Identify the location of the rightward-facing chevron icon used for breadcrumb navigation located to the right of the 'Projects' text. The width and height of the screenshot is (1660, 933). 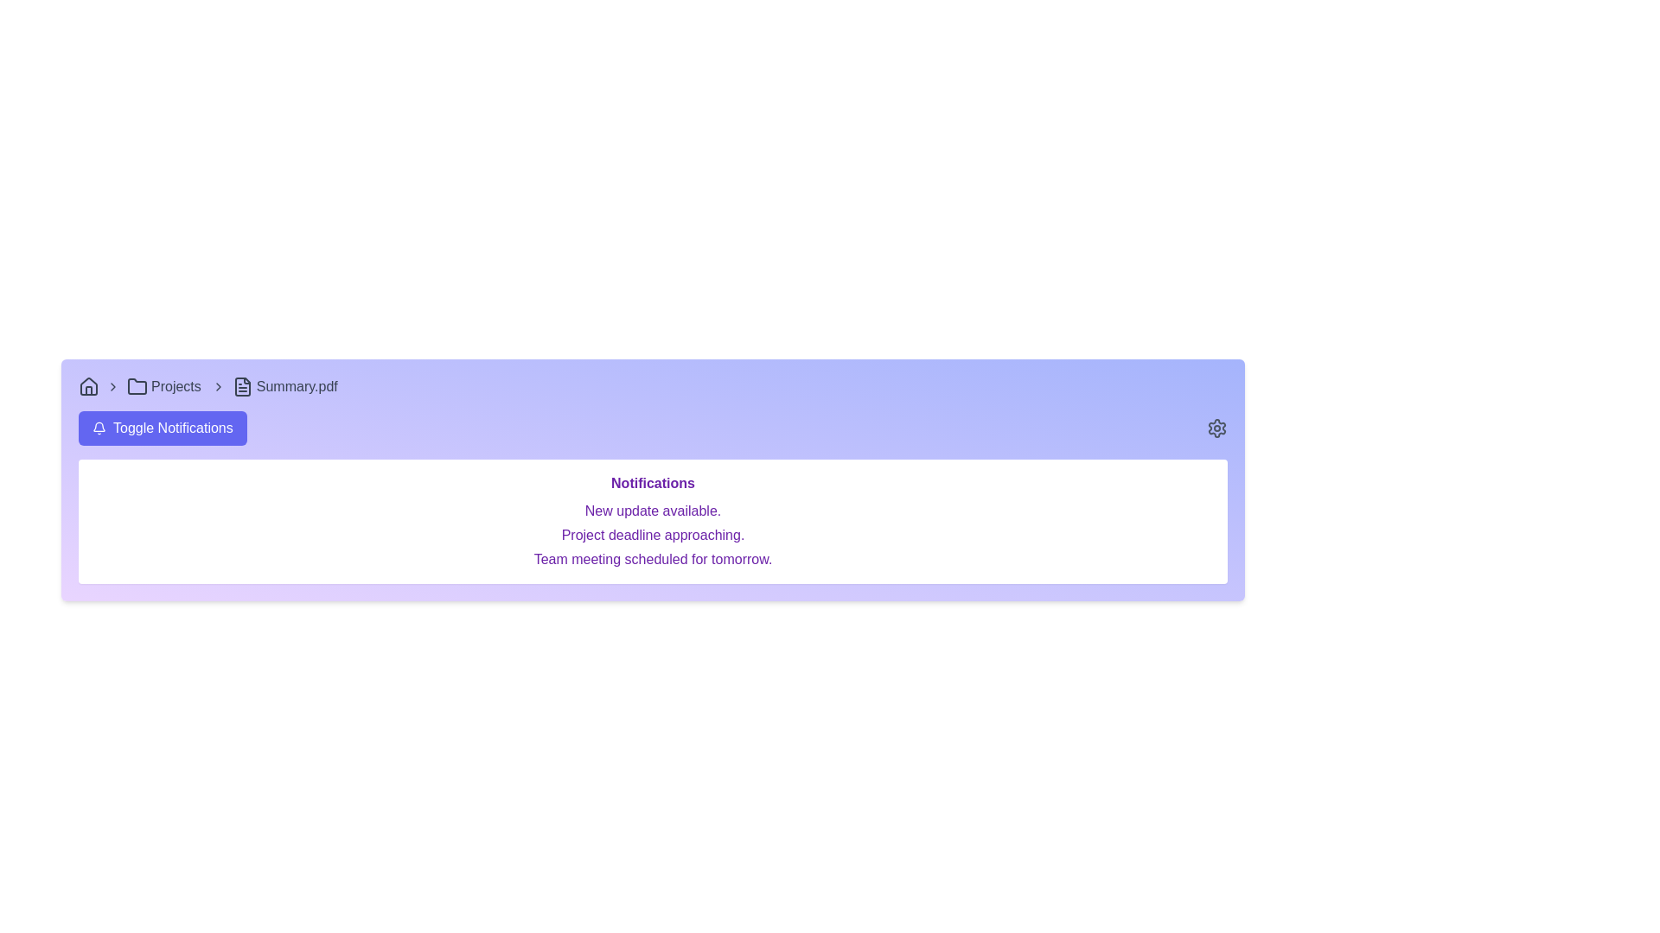
(217, 385).